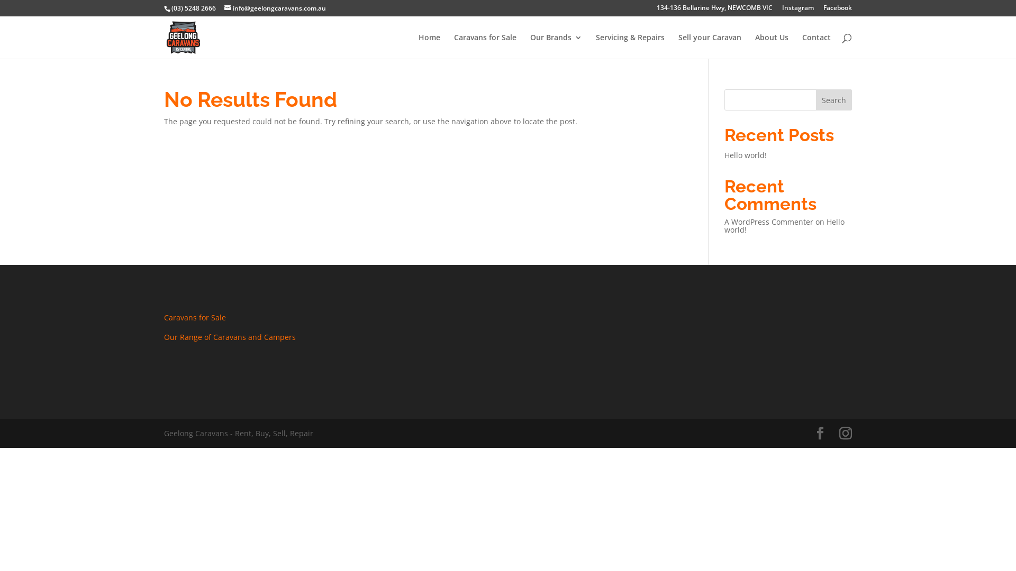 The width and height of the screenshot is (1016, 571). What do you see at coordinates (195, 317) in the screenshot?
I see `'Caravans for Sale'` at bounding box center [195, 317].